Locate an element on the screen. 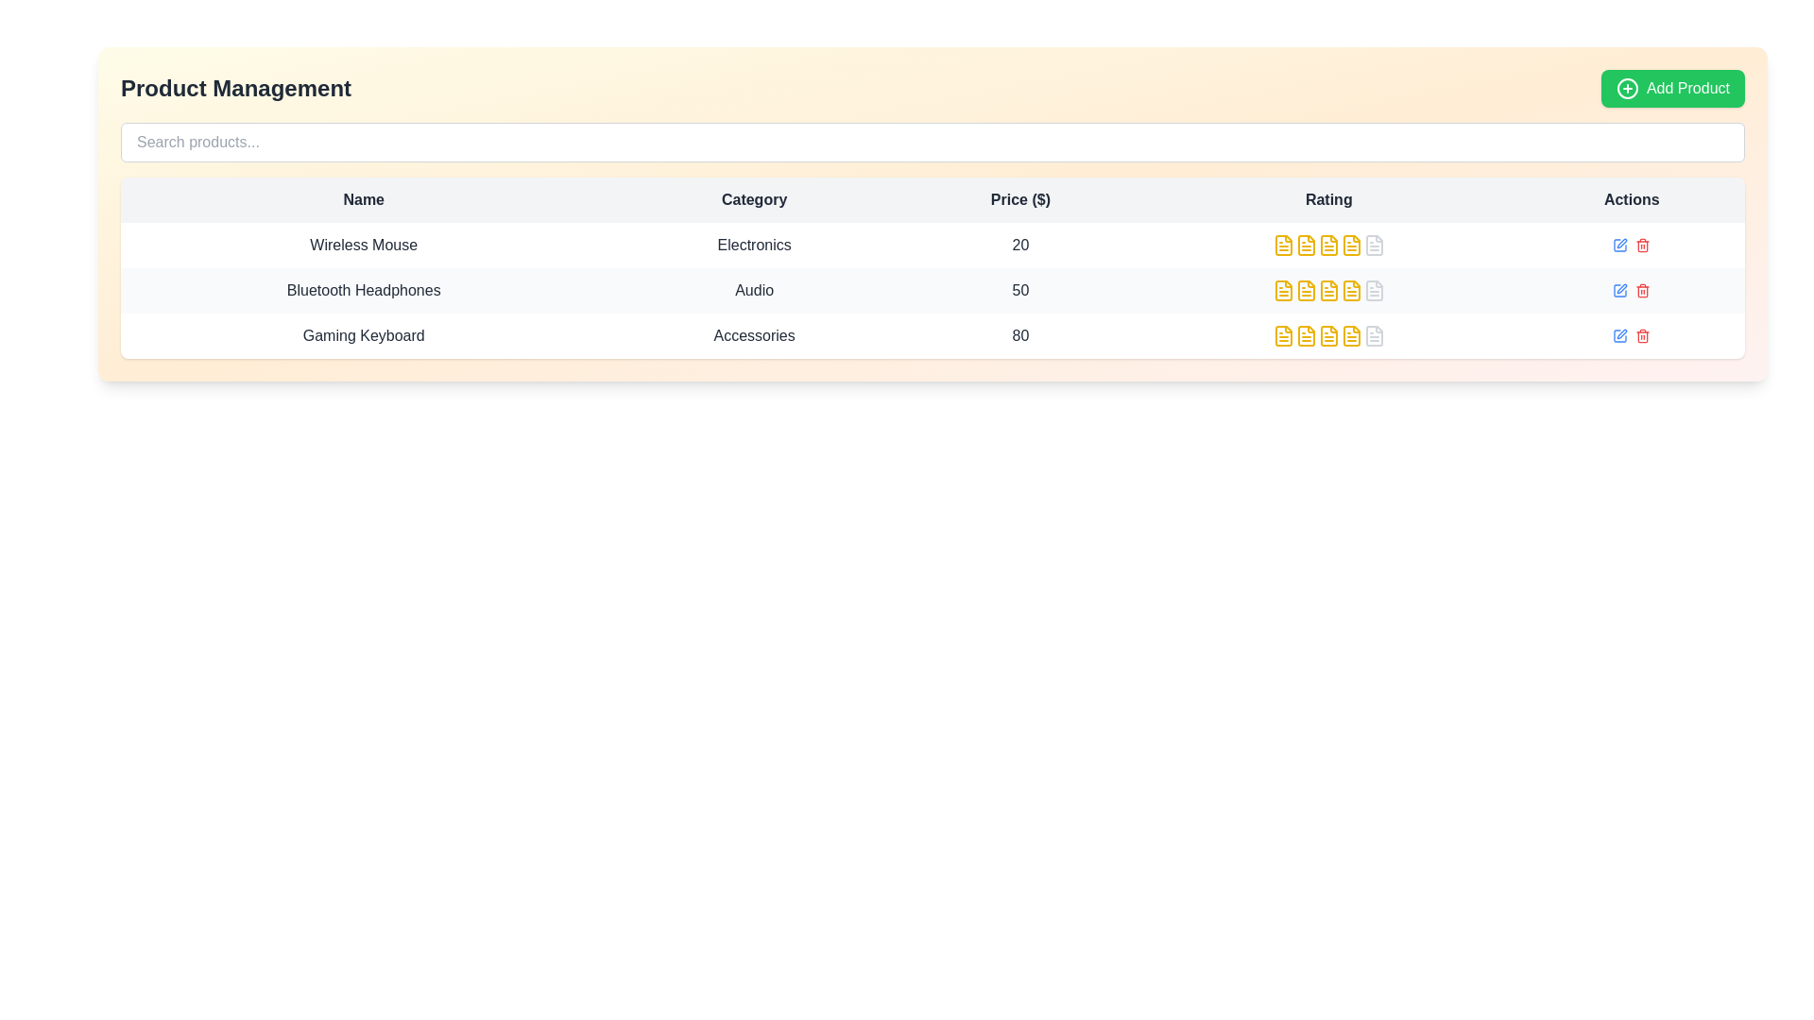 The width and height of the screenshot is (1814, 1020). the Display icon representing a file or document in the rating column of the middle row beneath the 'Bluetooth Headphones' entry is located at coordinates (1374, 291).